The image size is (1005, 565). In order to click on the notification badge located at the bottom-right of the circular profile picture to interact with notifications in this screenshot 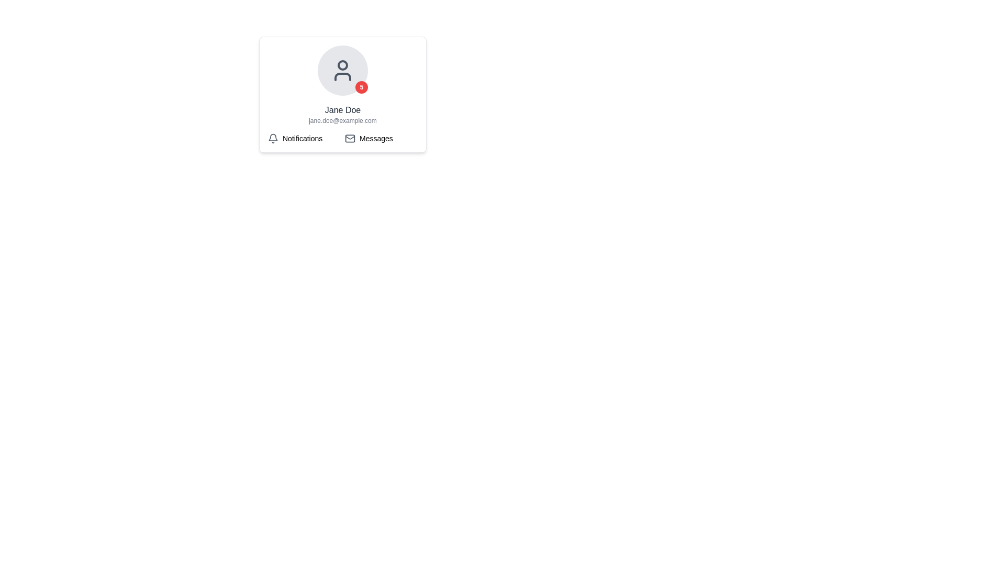, I will do `click(362, 86)`.